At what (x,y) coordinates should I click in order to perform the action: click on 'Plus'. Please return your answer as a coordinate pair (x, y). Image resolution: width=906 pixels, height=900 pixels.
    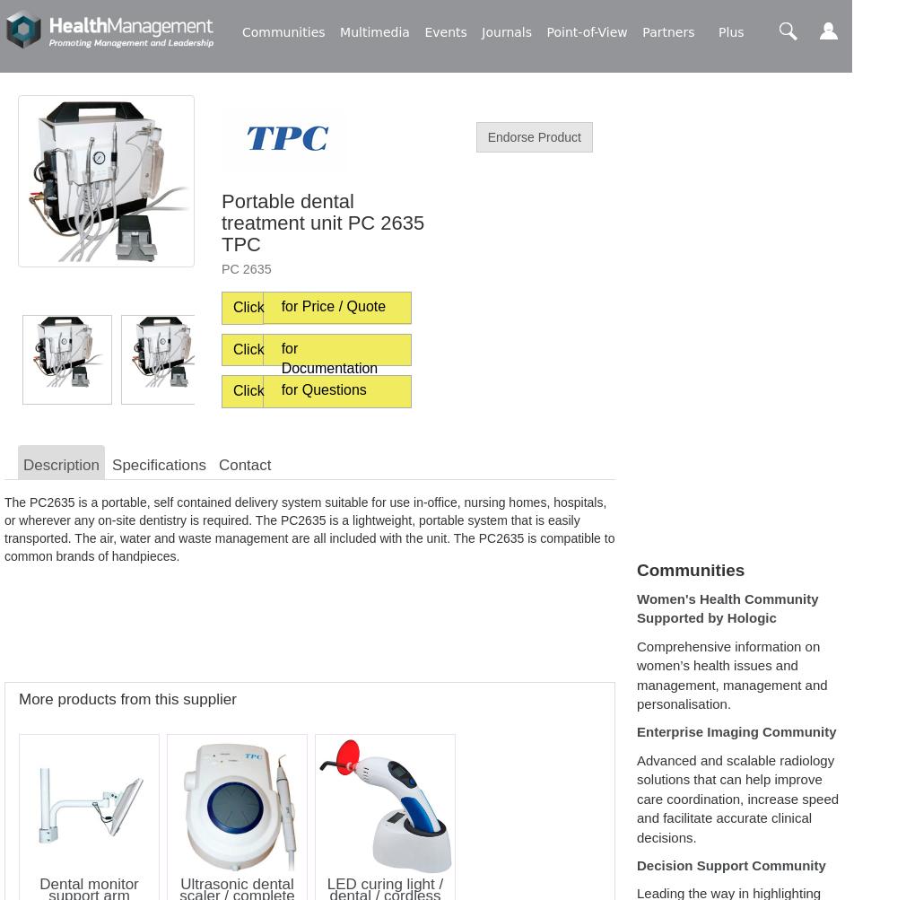
    Looking at the image, I should click on (730, 32).